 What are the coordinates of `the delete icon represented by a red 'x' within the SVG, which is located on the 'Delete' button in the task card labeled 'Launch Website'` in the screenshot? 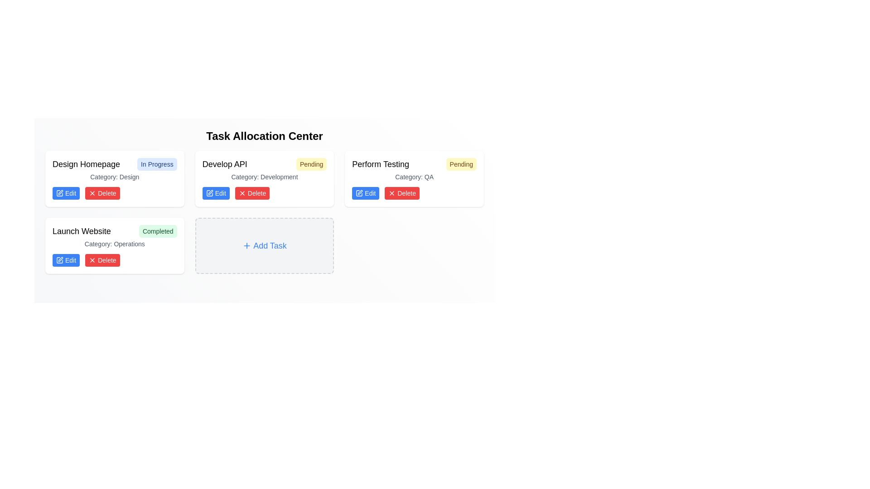 It's located at (92, 193).